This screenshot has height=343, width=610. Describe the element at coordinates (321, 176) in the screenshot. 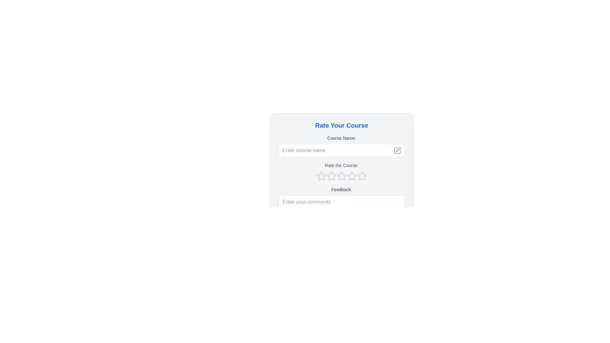

I see `the first star icon in the row of five stars` at that location.